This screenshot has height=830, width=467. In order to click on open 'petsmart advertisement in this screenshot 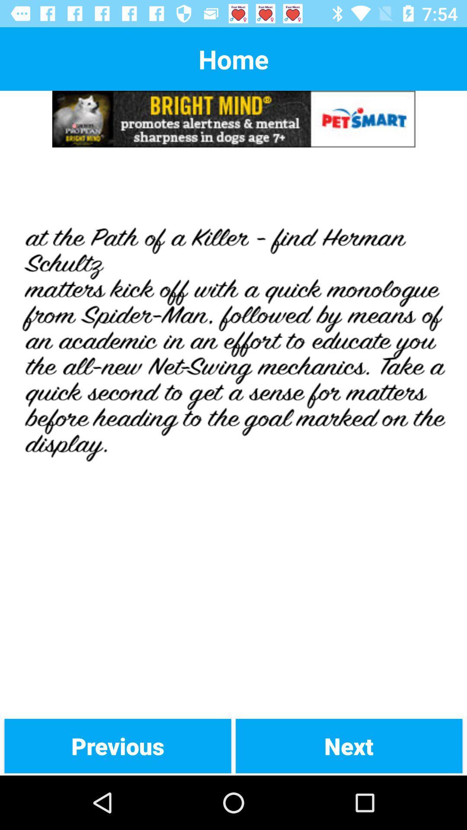, I will do `click(233, 118)`.